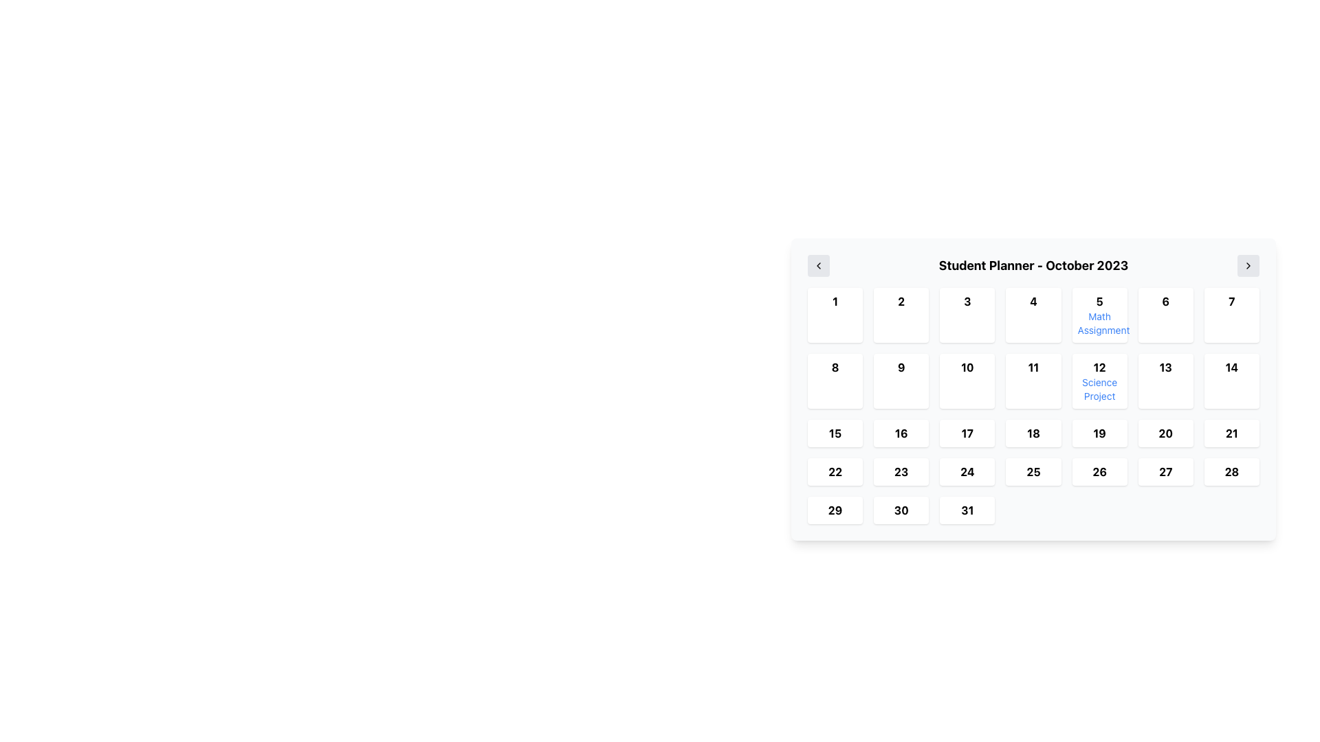  I want to click on the bold text label displaying '17' in the calendar grid, located in the third row and fifth column, which is styled with a white background and rounded corners, so click(967, 434).